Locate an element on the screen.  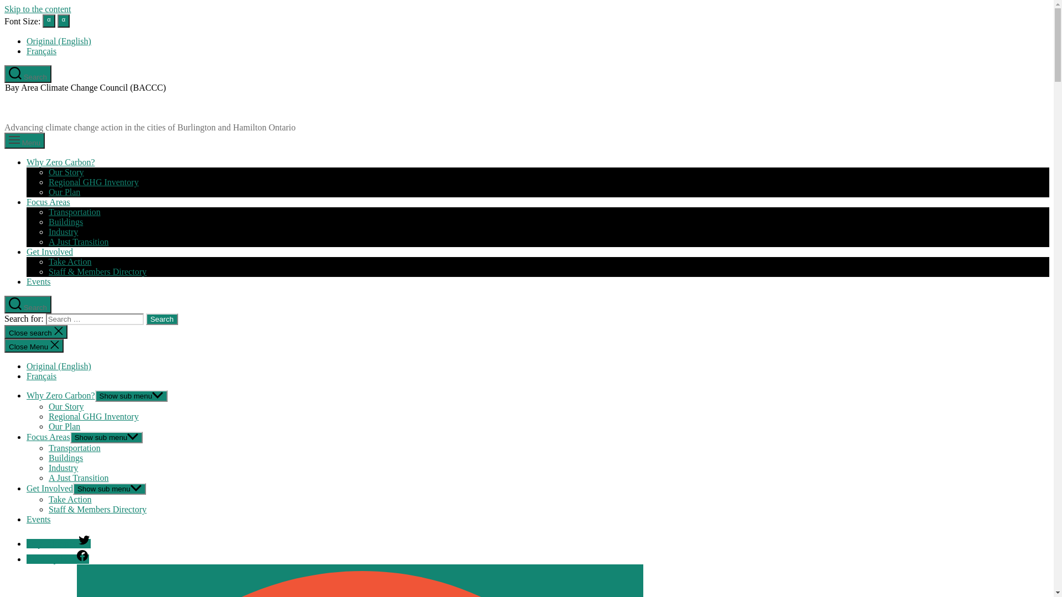
'Show sub menu' is located at coordinates (95, 395).